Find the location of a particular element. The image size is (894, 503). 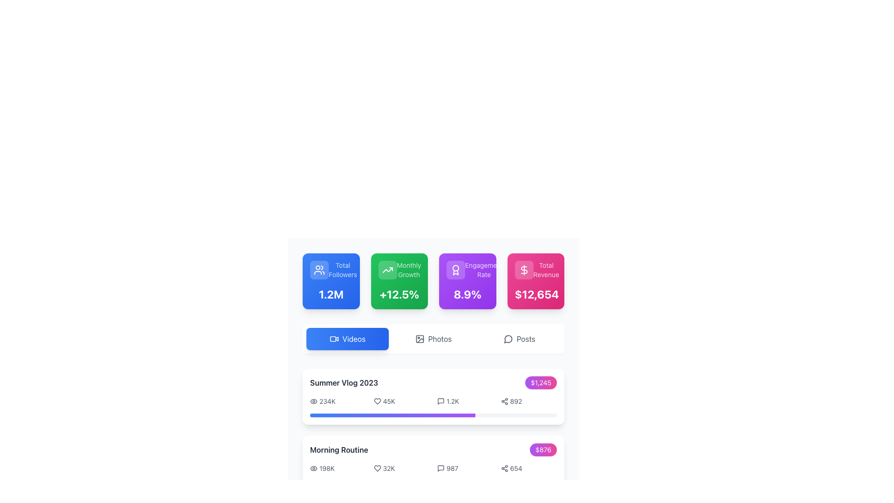

the square-shaped icon with a soft pink background and a white dollar sign ($) located within the 'Total Revenue' card at the top right of the dashboard is located at coordinates (524, 270).